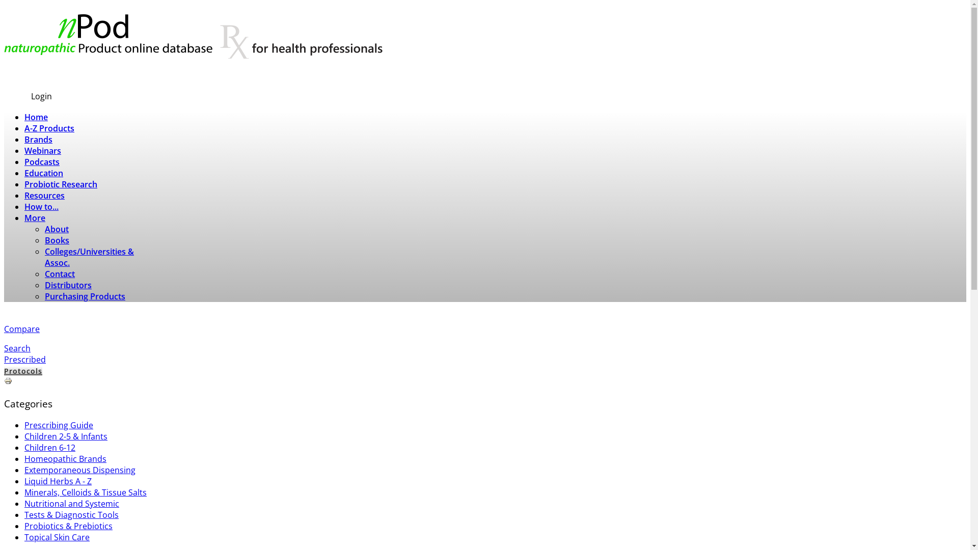 This screenshot has width=978, height=550. What do you see at coordinates (24, 526) in the screenshot?
I see `'Probiotics & Prebiotics'` at bounding box center [24, 526].